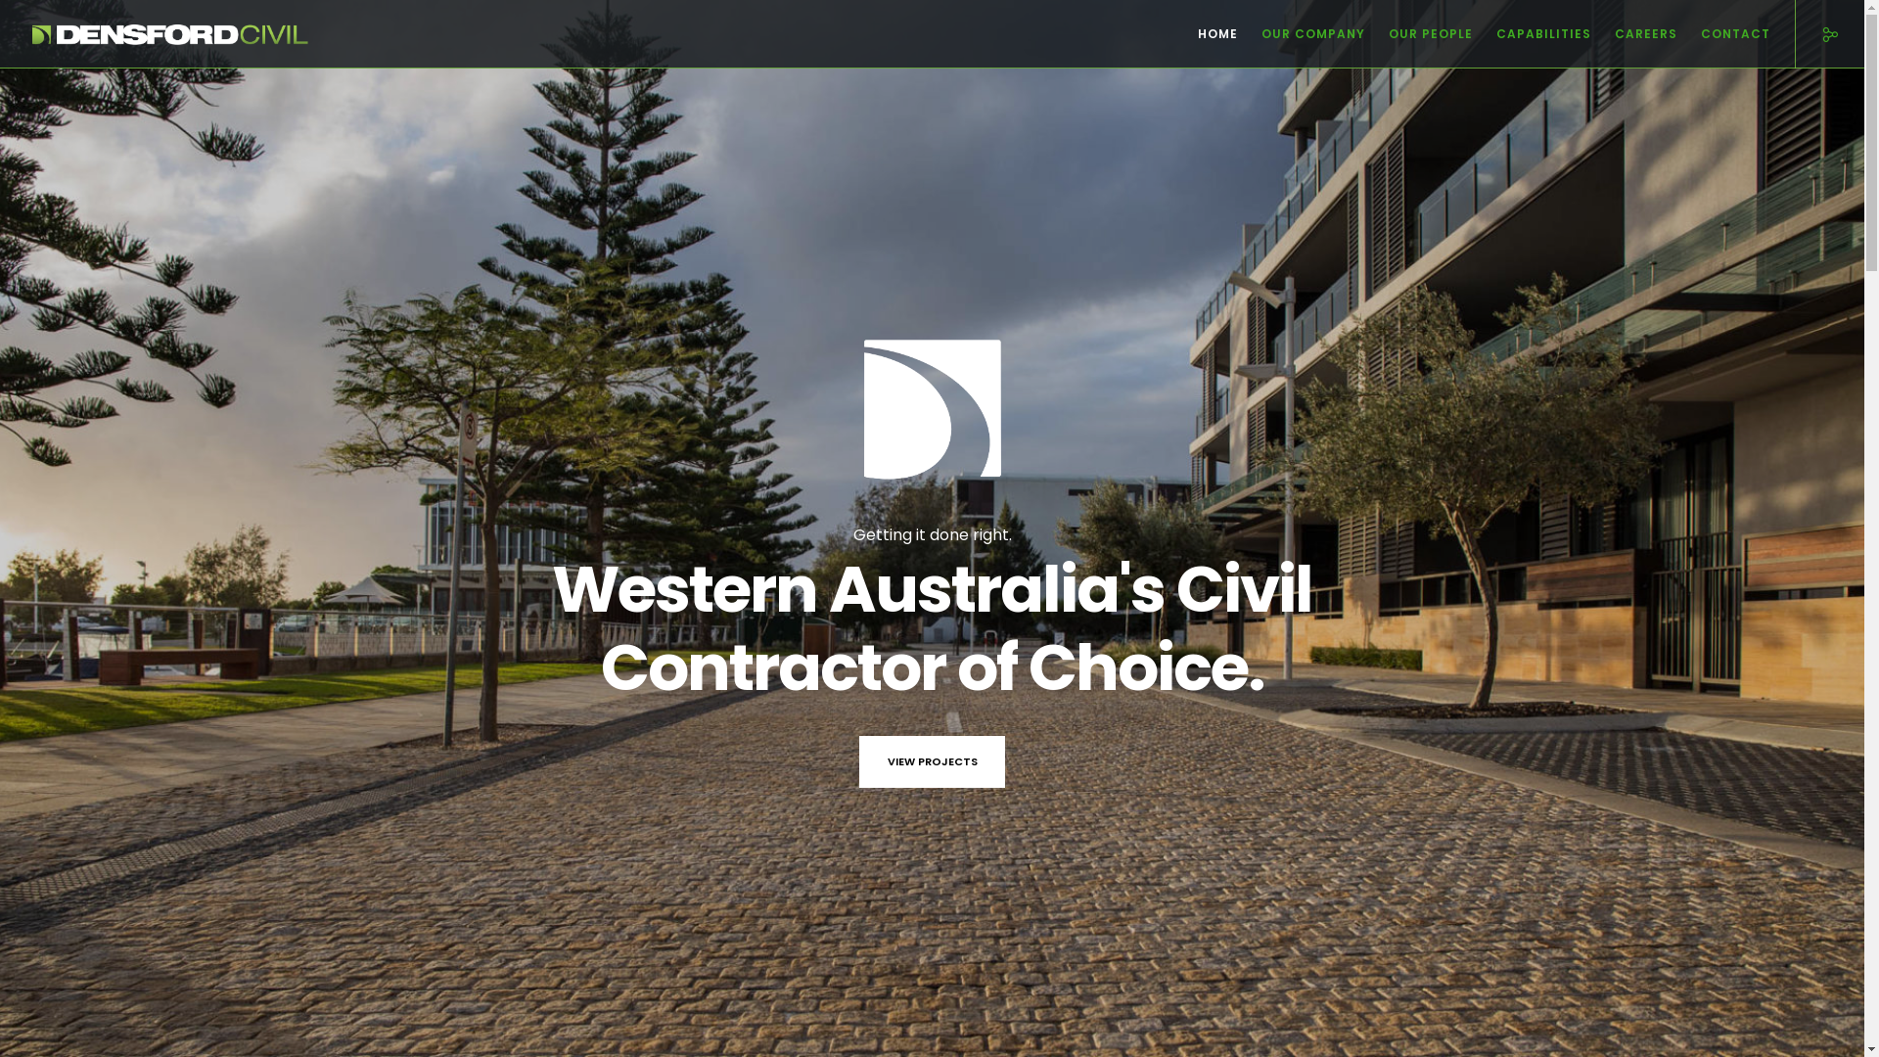 The width and height of the screenshot is (1879, 1057). Describe the element at coordinates (1723, 33) in the screenshot. I see `'CONTACT'` at that location.